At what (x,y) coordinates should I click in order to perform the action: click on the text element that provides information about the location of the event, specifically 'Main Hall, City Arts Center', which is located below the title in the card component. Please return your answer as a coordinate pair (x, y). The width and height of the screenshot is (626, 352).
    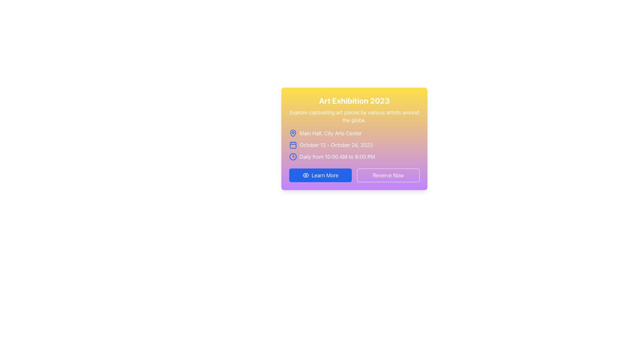
    Looking at the image, I should click on (354, 133).